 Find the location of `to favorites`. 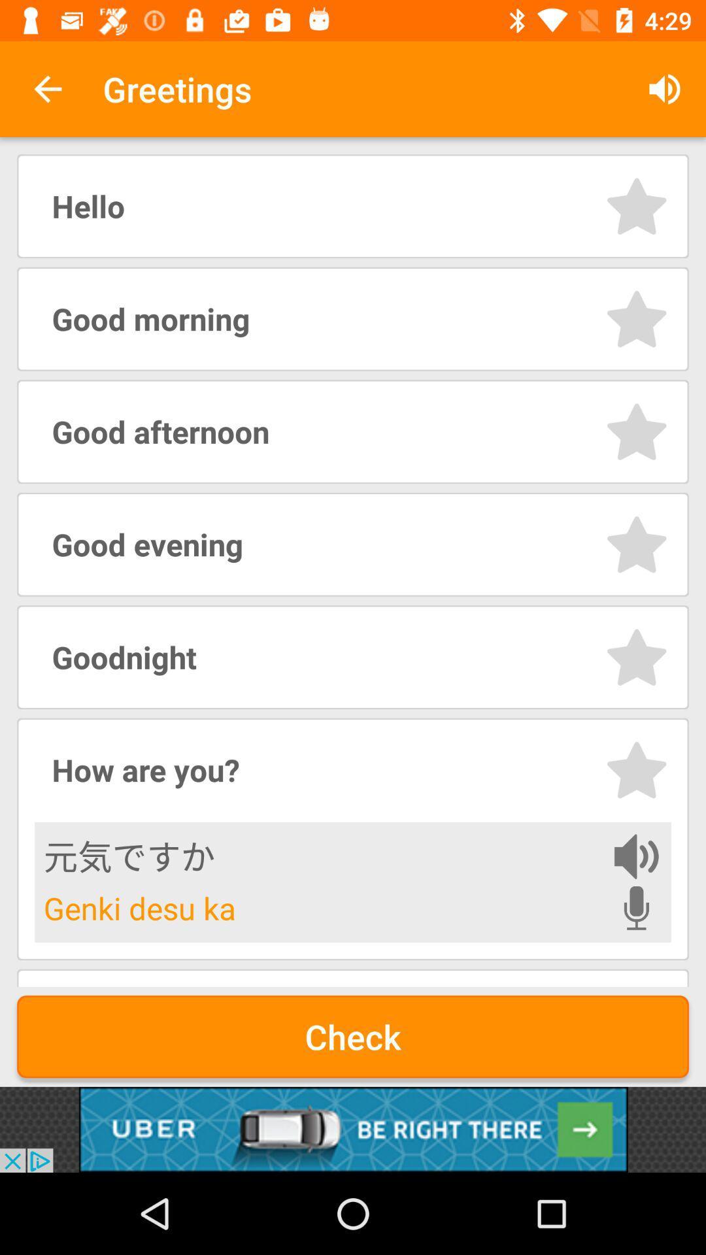

to favorites is located at coordinates (636, 431).